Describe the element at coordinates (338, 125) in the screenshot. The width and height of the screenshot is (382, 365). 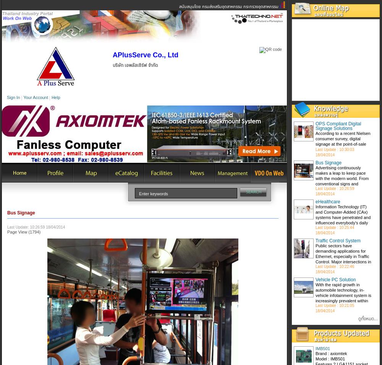
I see `'OPS Compliant Digital Signage Solutions'` at that location.